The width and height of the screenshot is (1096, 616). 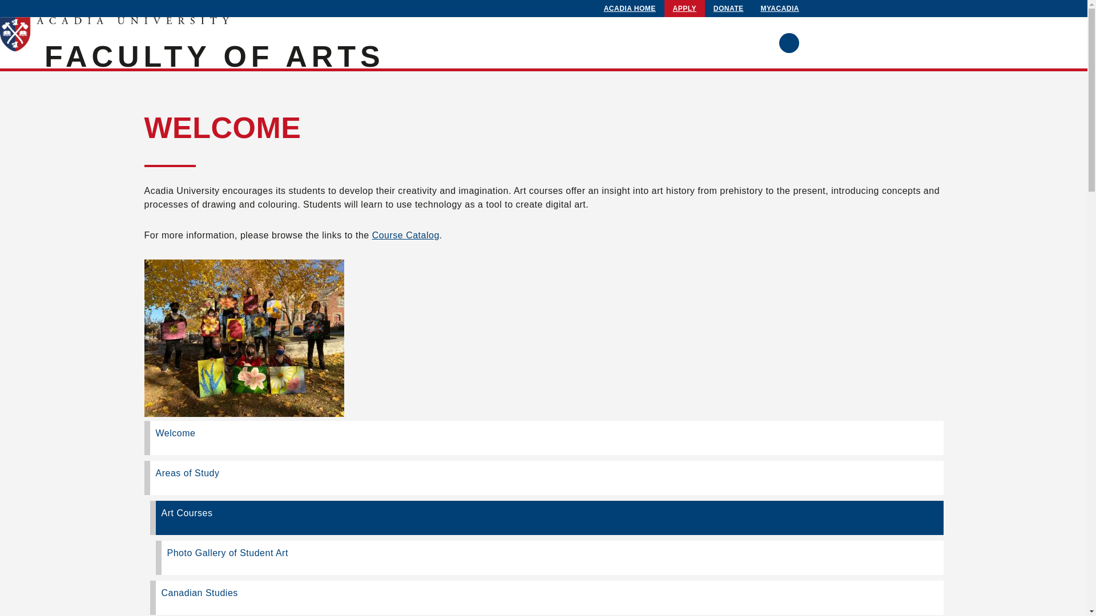 I want to click on 'ACADIA HOME', so click(x=629, y=9).